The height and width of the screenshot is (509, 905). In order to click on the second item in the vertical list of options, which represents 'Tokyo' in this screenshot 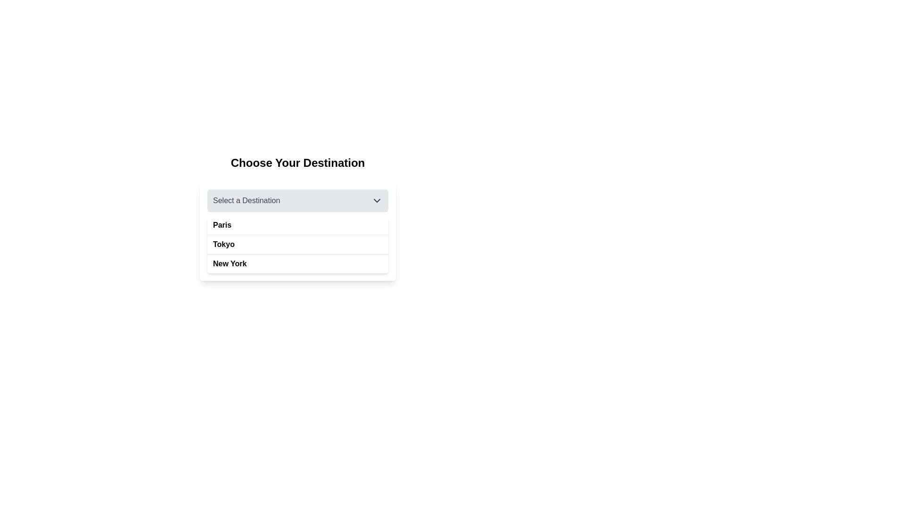, I will do `click(297, 244)`.